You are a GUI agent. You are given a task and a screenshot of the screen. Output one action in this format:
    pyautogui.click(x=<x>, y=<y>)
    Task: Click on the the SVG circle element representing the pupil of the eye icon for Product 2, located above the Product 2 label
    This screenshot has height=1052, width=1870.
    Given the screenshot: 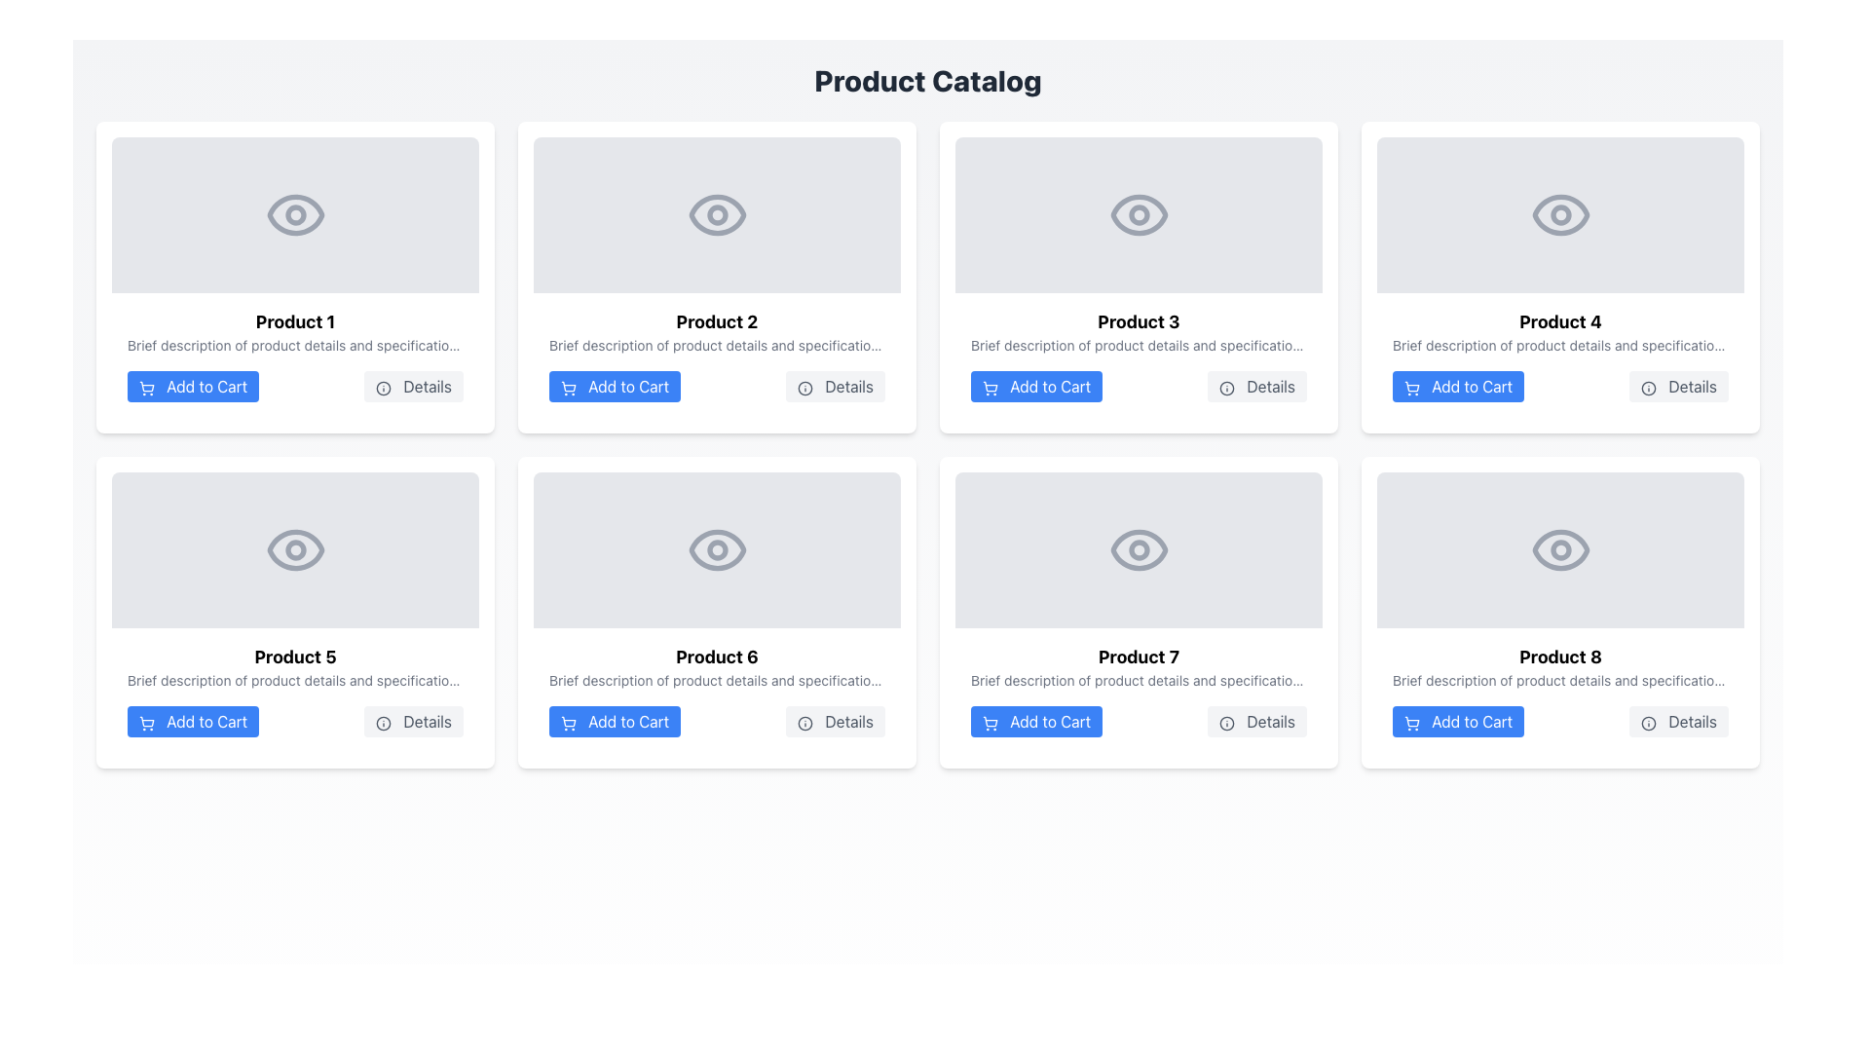 What is the action you would take?
    pyautogui.click(x=716, y=214)
    